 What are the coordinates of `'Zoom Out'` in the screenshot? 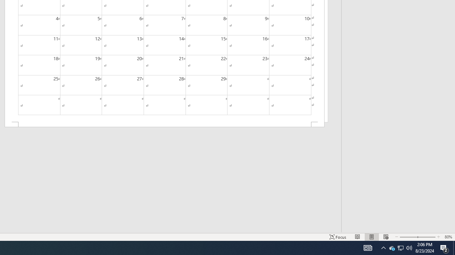 It's located at (406, 237).